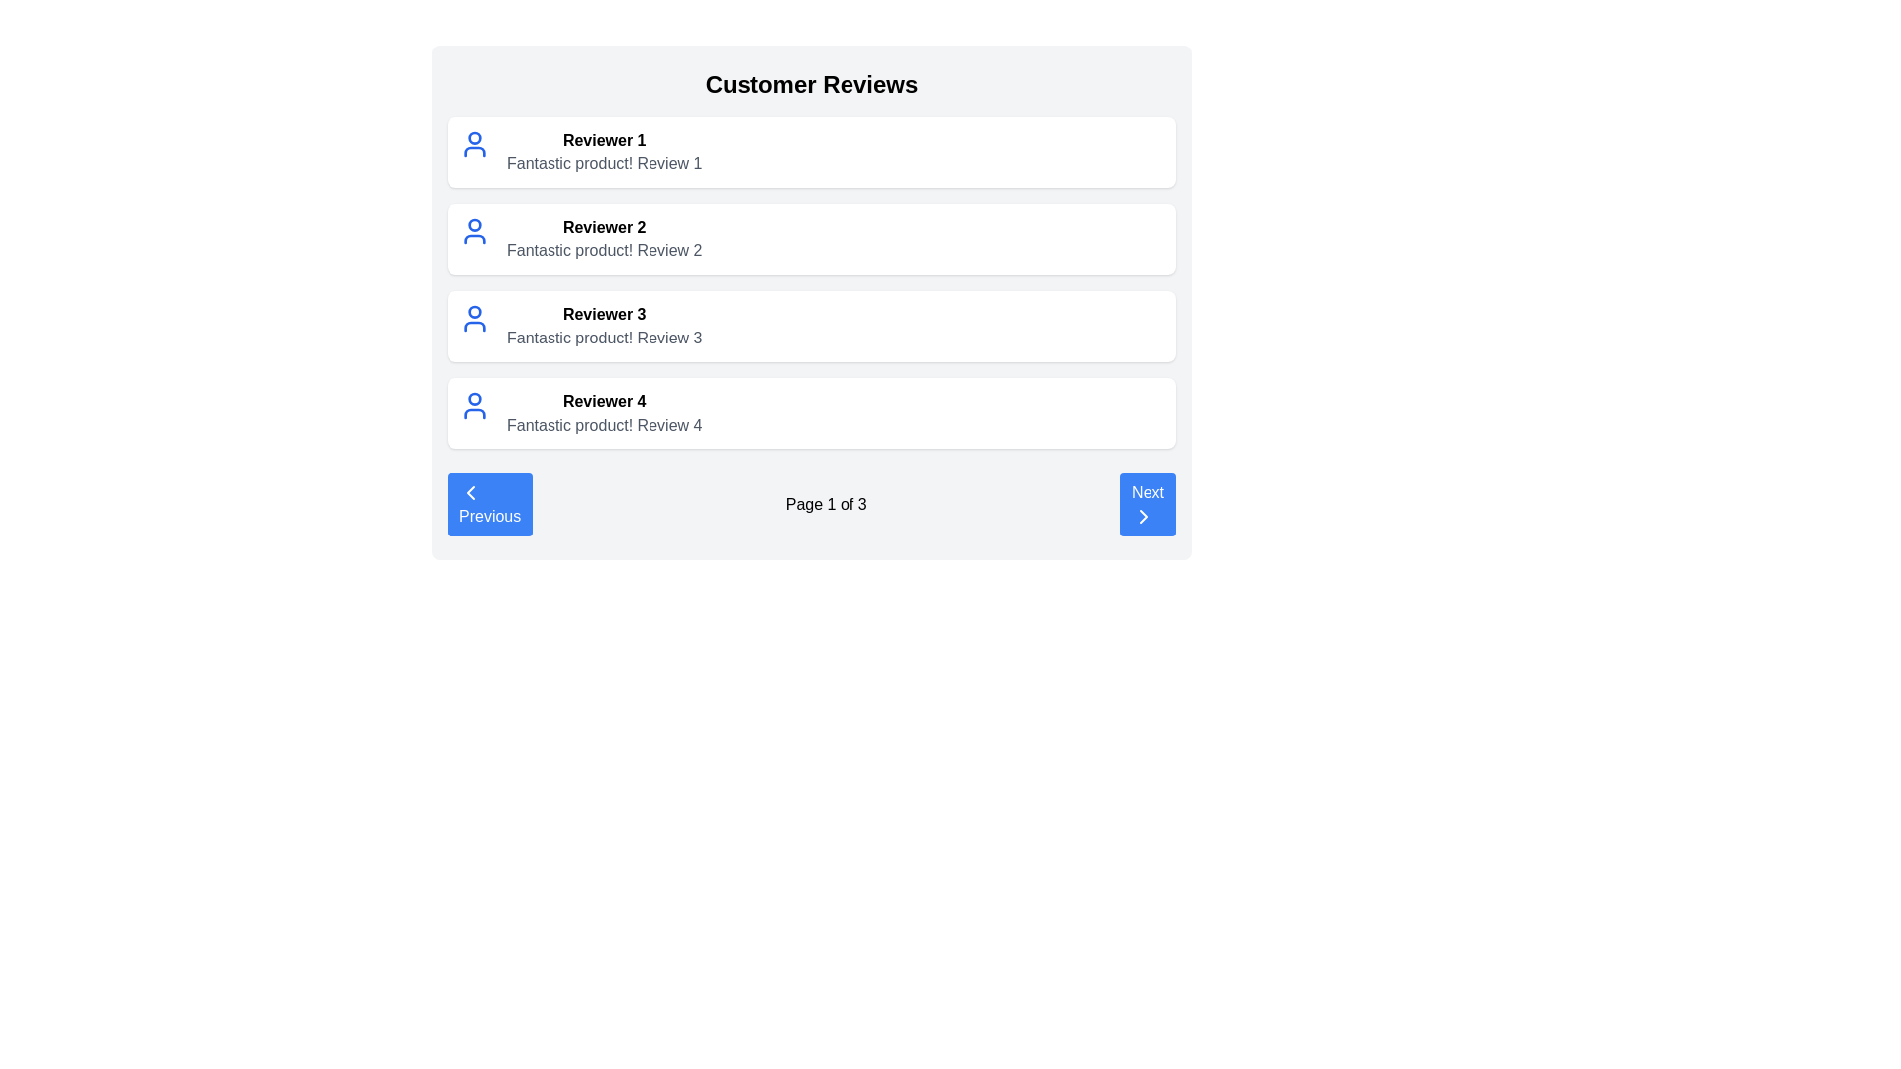 The width and height of the screenshot is (1901, 1069). I want to click on the circular graphical icon located near the top-left corner of the user icon graphic within the first review entry, so click(475, 136).